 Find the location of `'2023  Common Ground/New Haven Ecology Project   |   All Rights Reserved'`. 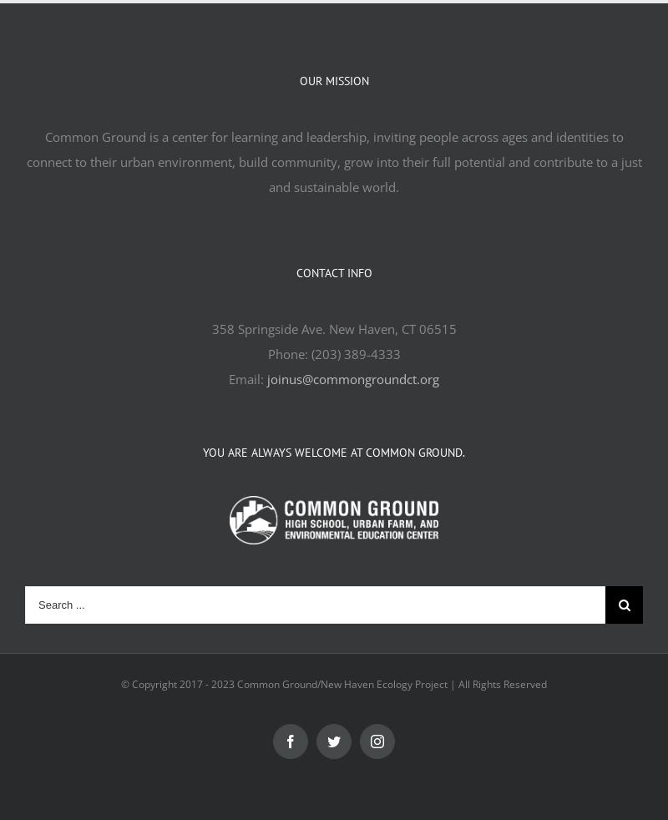

'2023  Common Ground/New Haven Ecology Project   |   All Rights Reserved' is located at coordinates (378, 683).